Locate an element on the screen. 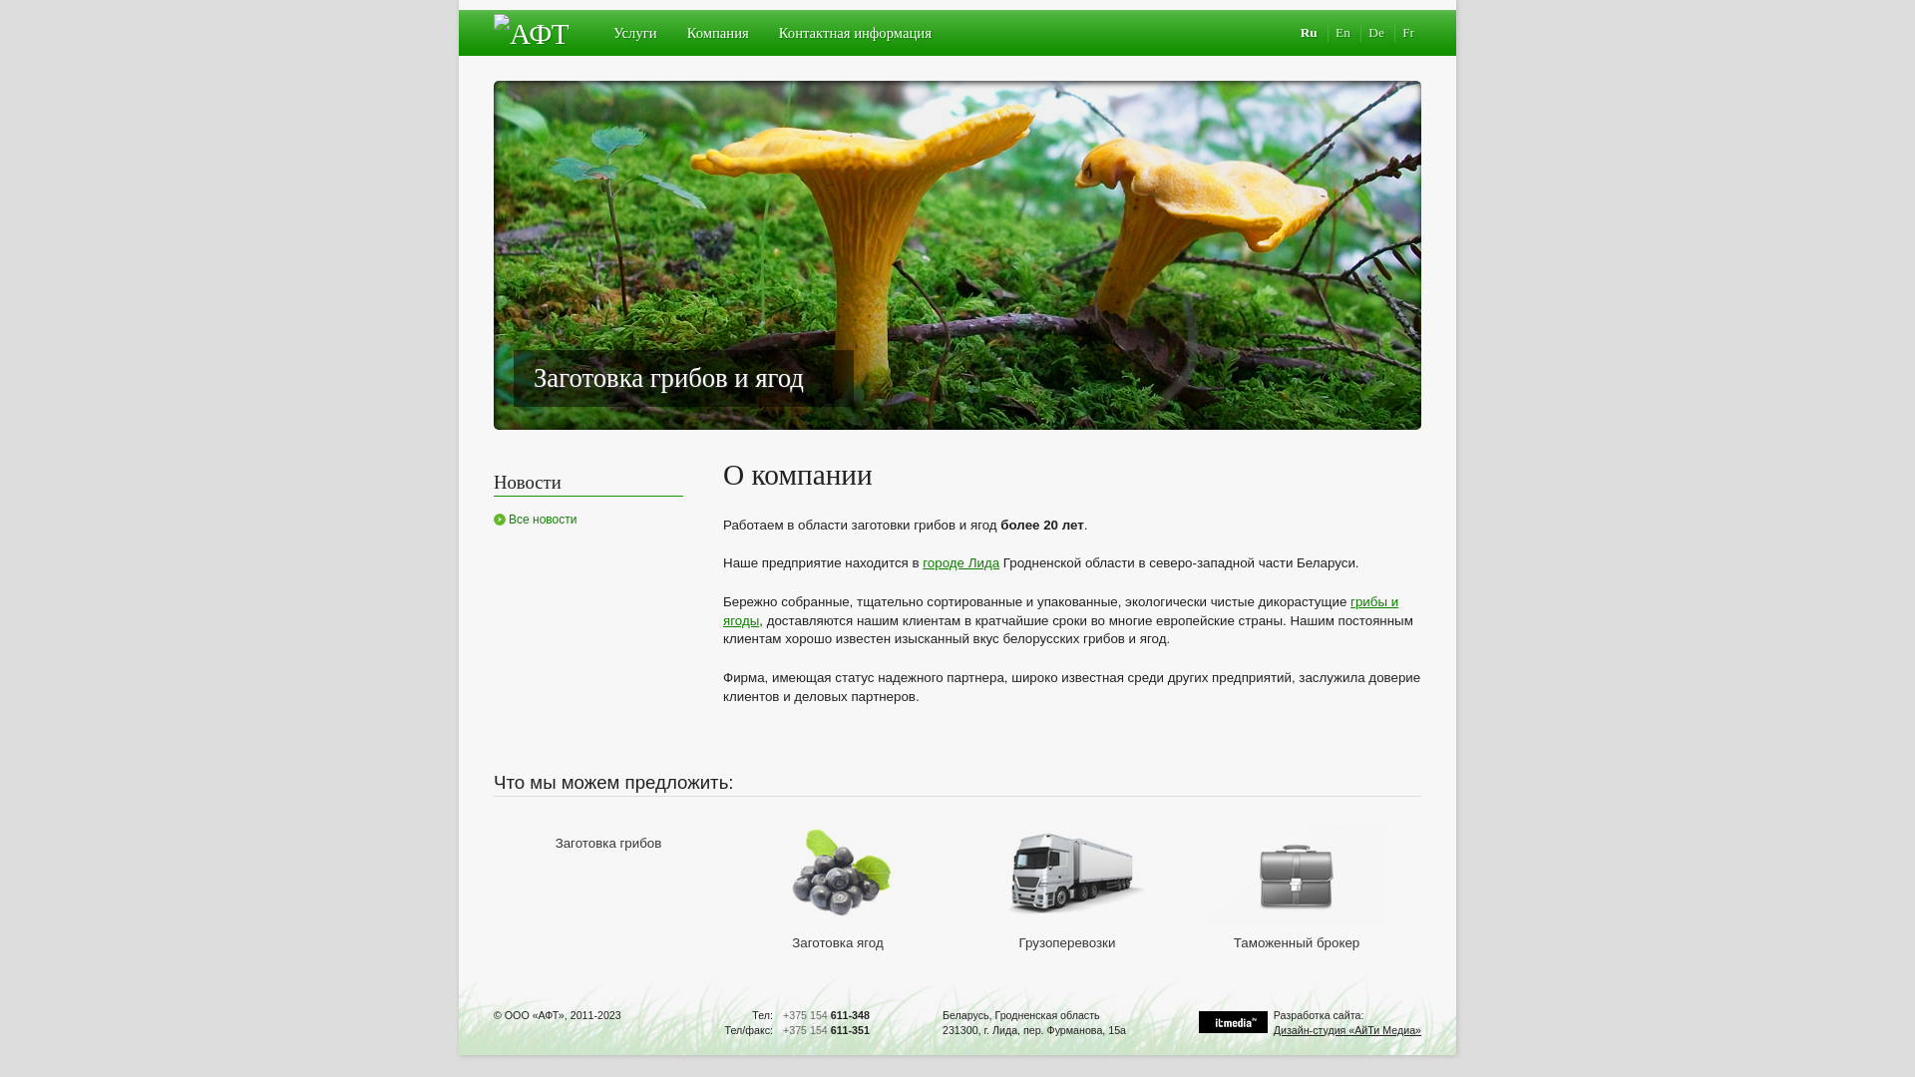 This screenshot has height=1077, width=1915. 'Fr' is located at coordinates (1406, 32).